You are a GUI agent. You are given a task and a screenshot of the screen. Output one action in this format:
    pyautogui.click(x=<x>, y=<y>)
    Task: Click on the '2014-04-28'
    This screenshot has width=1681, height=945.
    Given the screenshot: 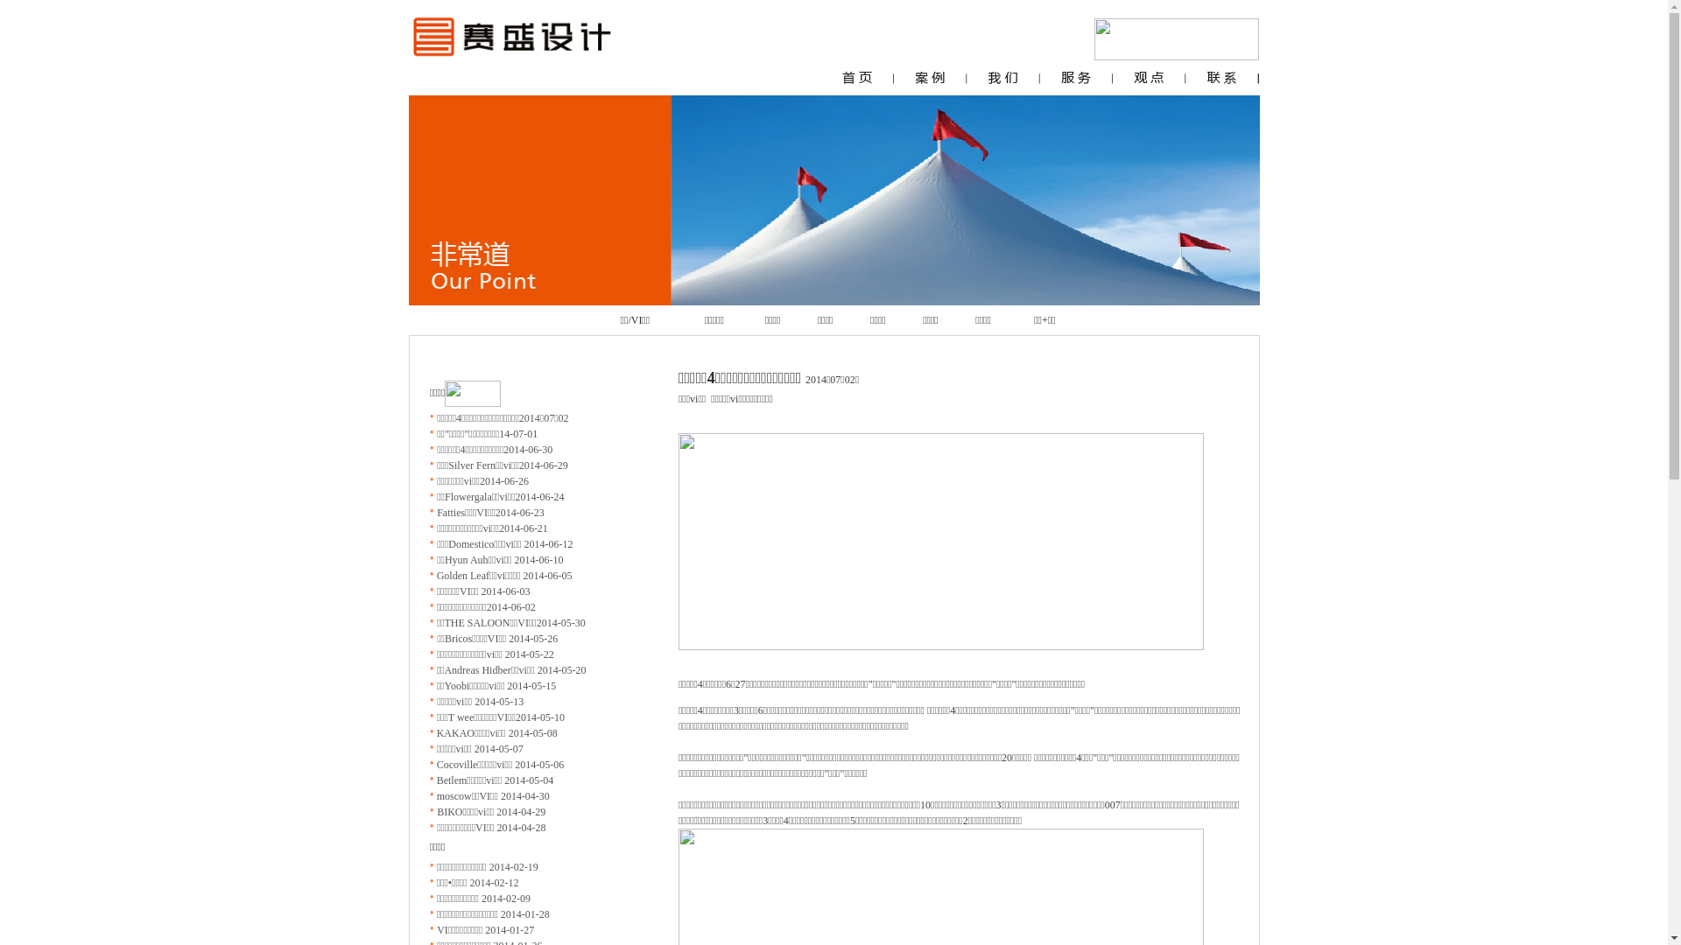 What is the action you would take?
    pyautogui.click(x=518, y=827)
    